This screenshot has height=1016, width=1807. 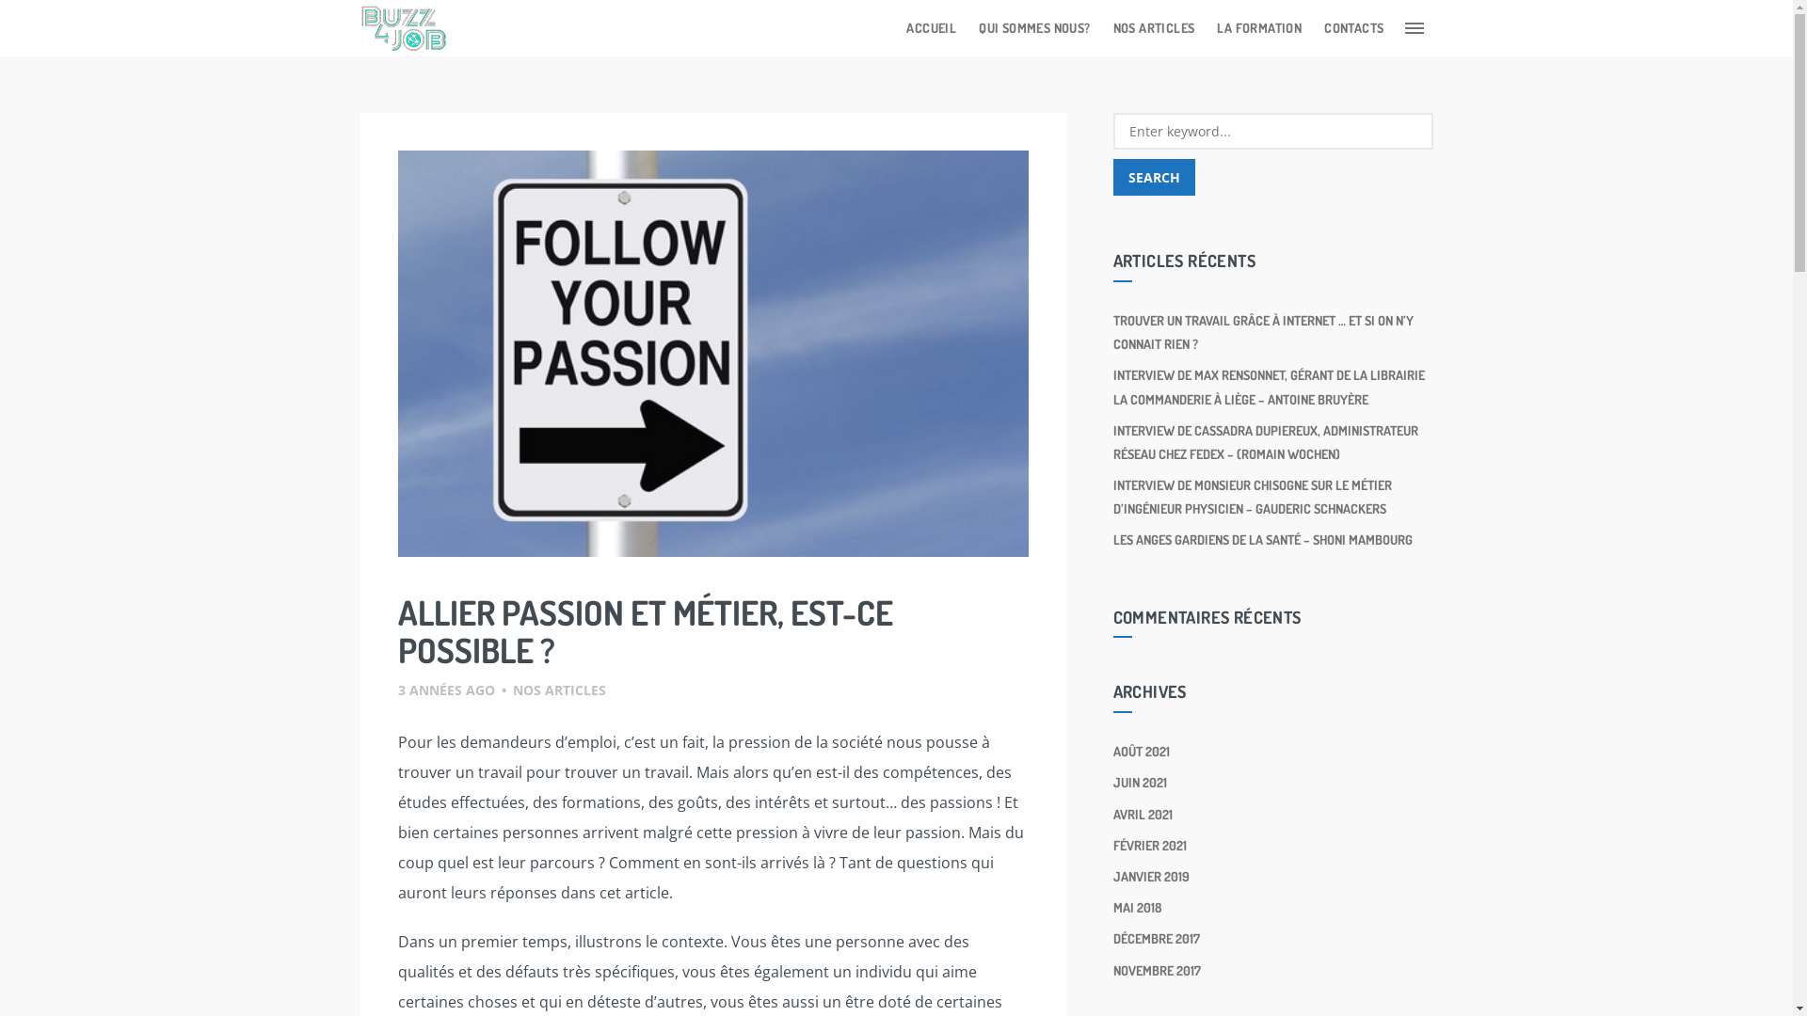 I want to click on 'ACCUEIL', so click(x=931, y=28).